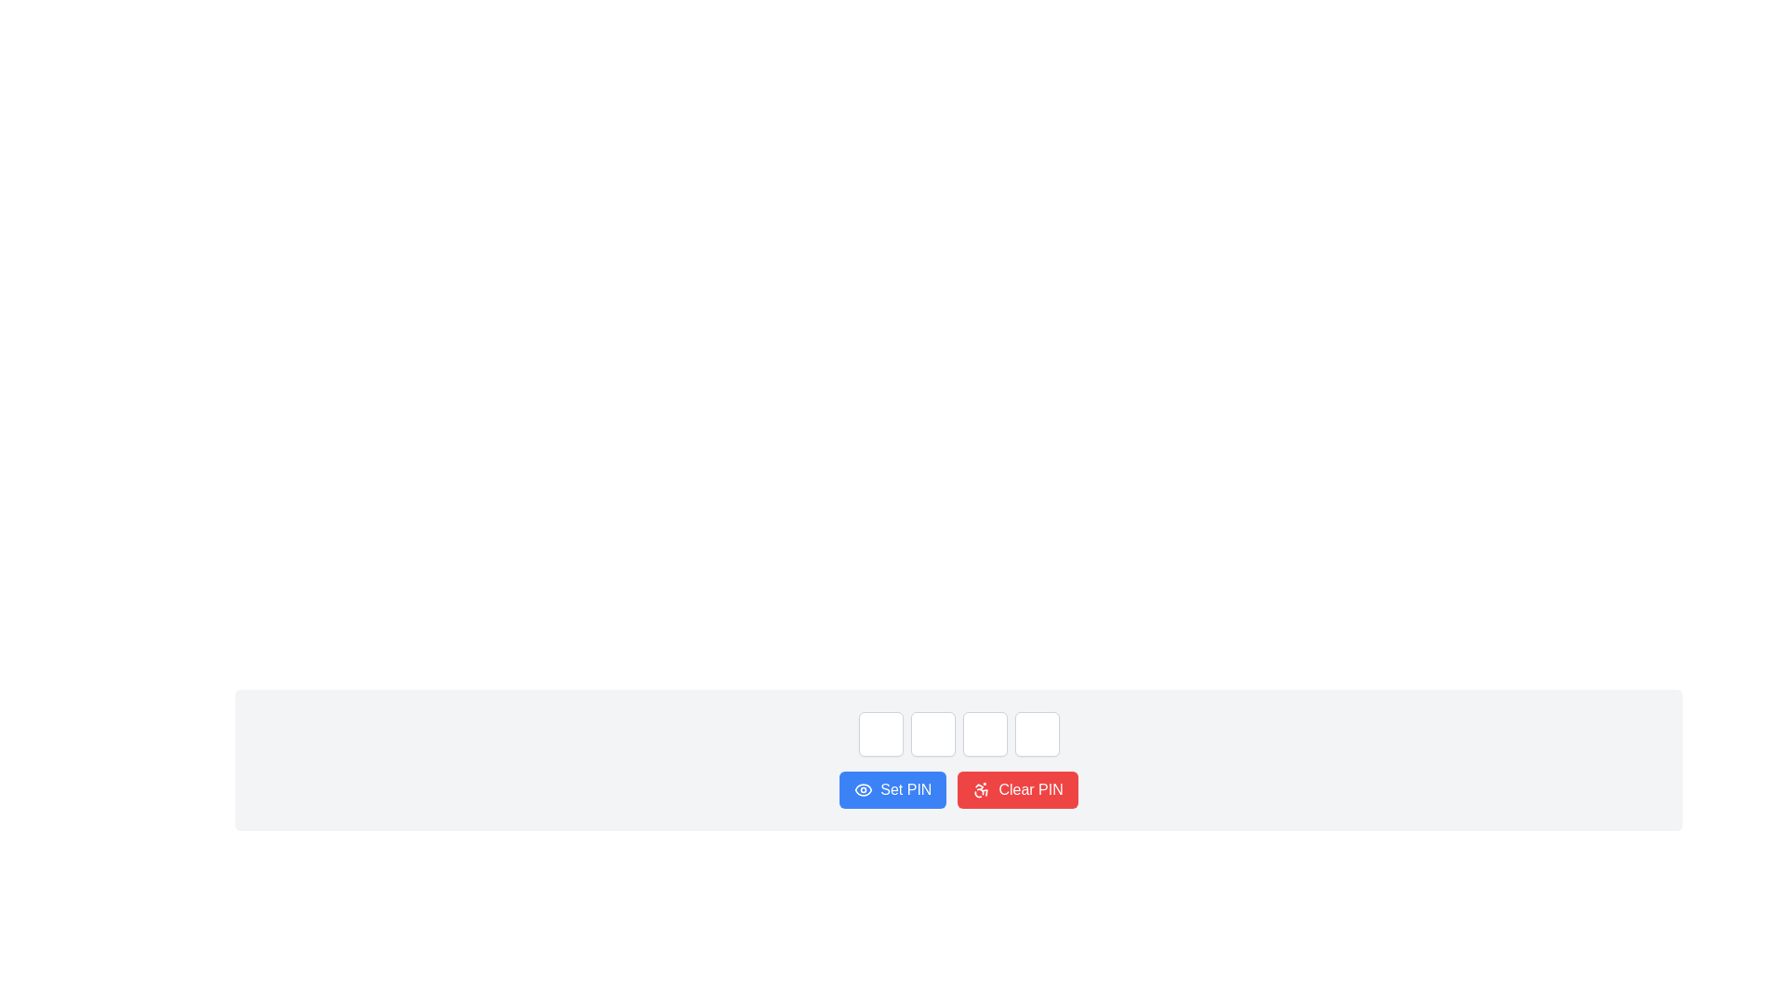  Describe the element at coordinates (1029, 789) in the screenshot. I see `the text label inside the red button that indicates the action of clearing the existing PIN, located at the bottom-right of the main interface` at that location.